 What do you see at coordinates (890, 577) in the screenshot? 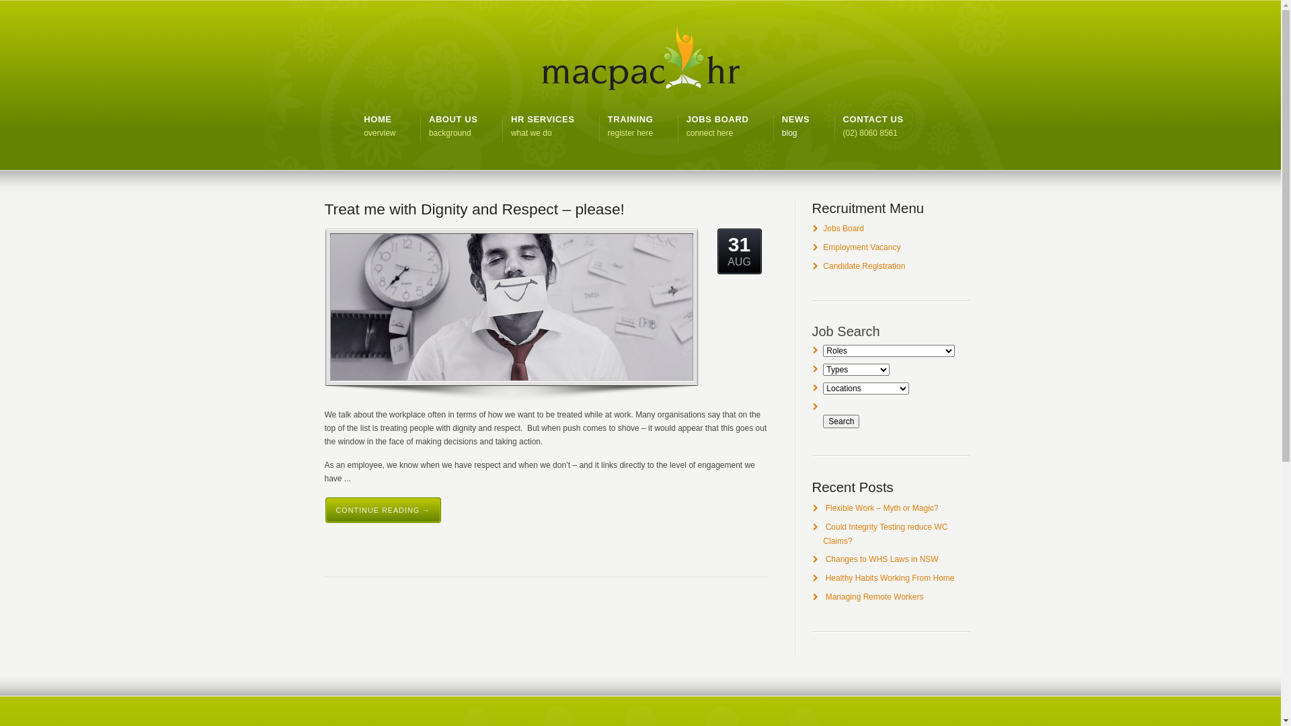
I see `'Healthy Habits Working From Home'` at bounding box center [890, 577].